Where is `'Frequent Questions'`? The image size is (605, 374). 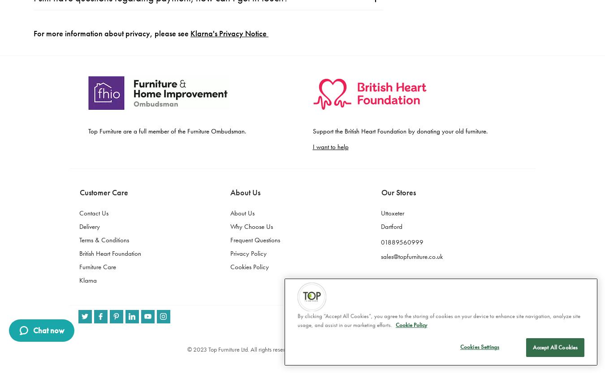
'Frequent Questions' is located at coordinates (255, 14).